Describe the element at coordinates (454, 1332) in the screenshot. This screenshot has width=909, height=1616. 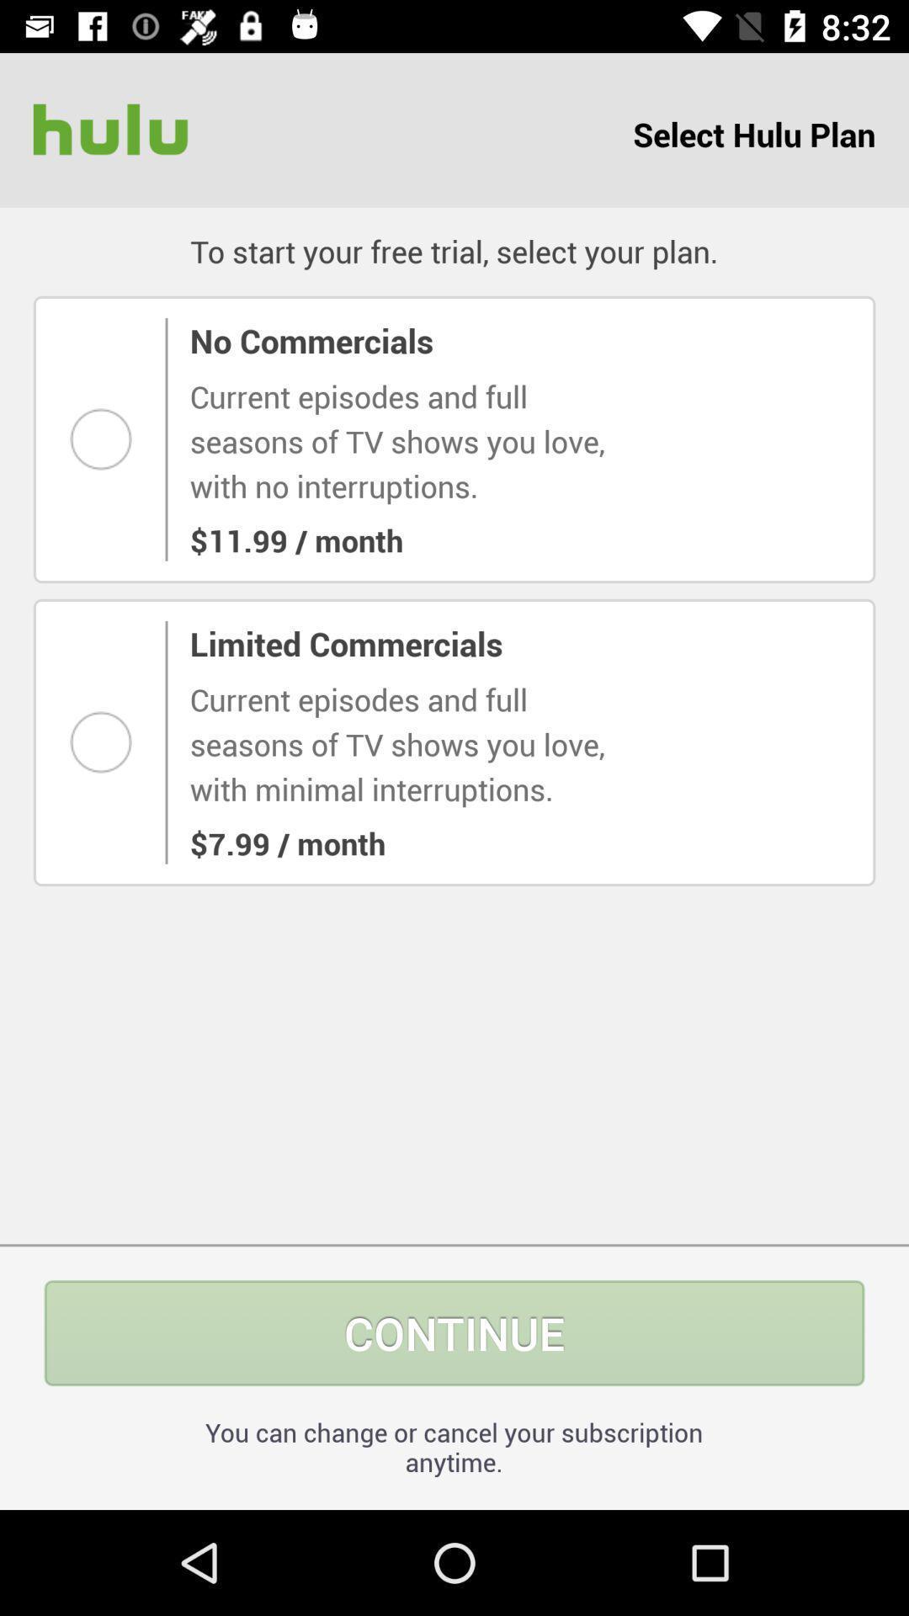
I see `continue icon` at that location.